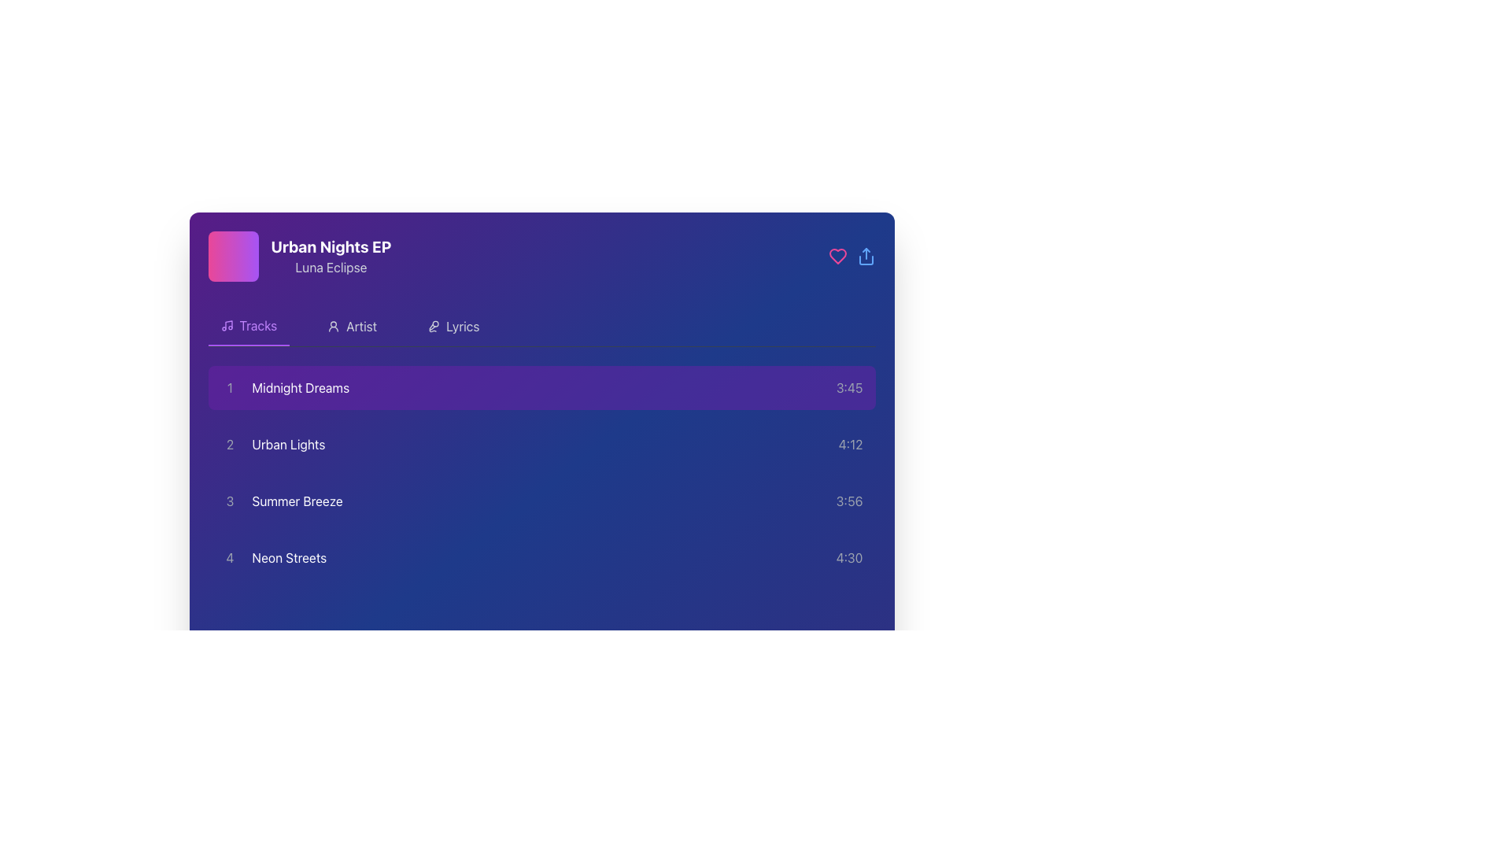  I want to click on the music tracks icon located in the header section adjacent to the 'Tracks' label, which visually emphasizes the currently selected tab for music tracks, so click(227, 323).